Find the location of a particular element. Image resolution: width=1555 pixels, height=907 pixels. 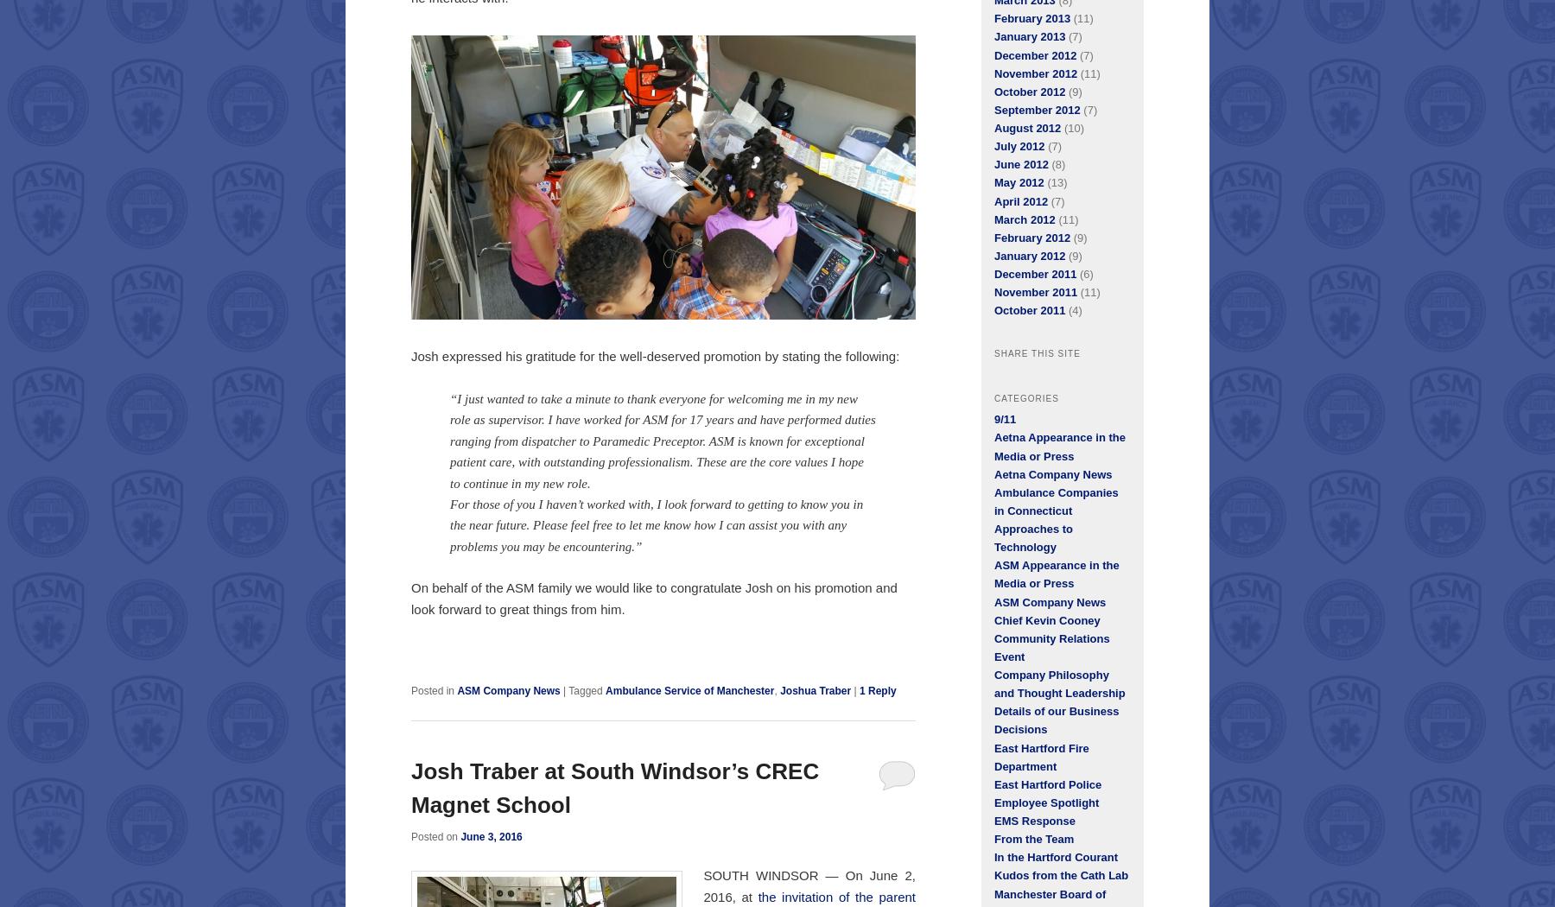

'January 2012' is located at coordinates (1028, 254).